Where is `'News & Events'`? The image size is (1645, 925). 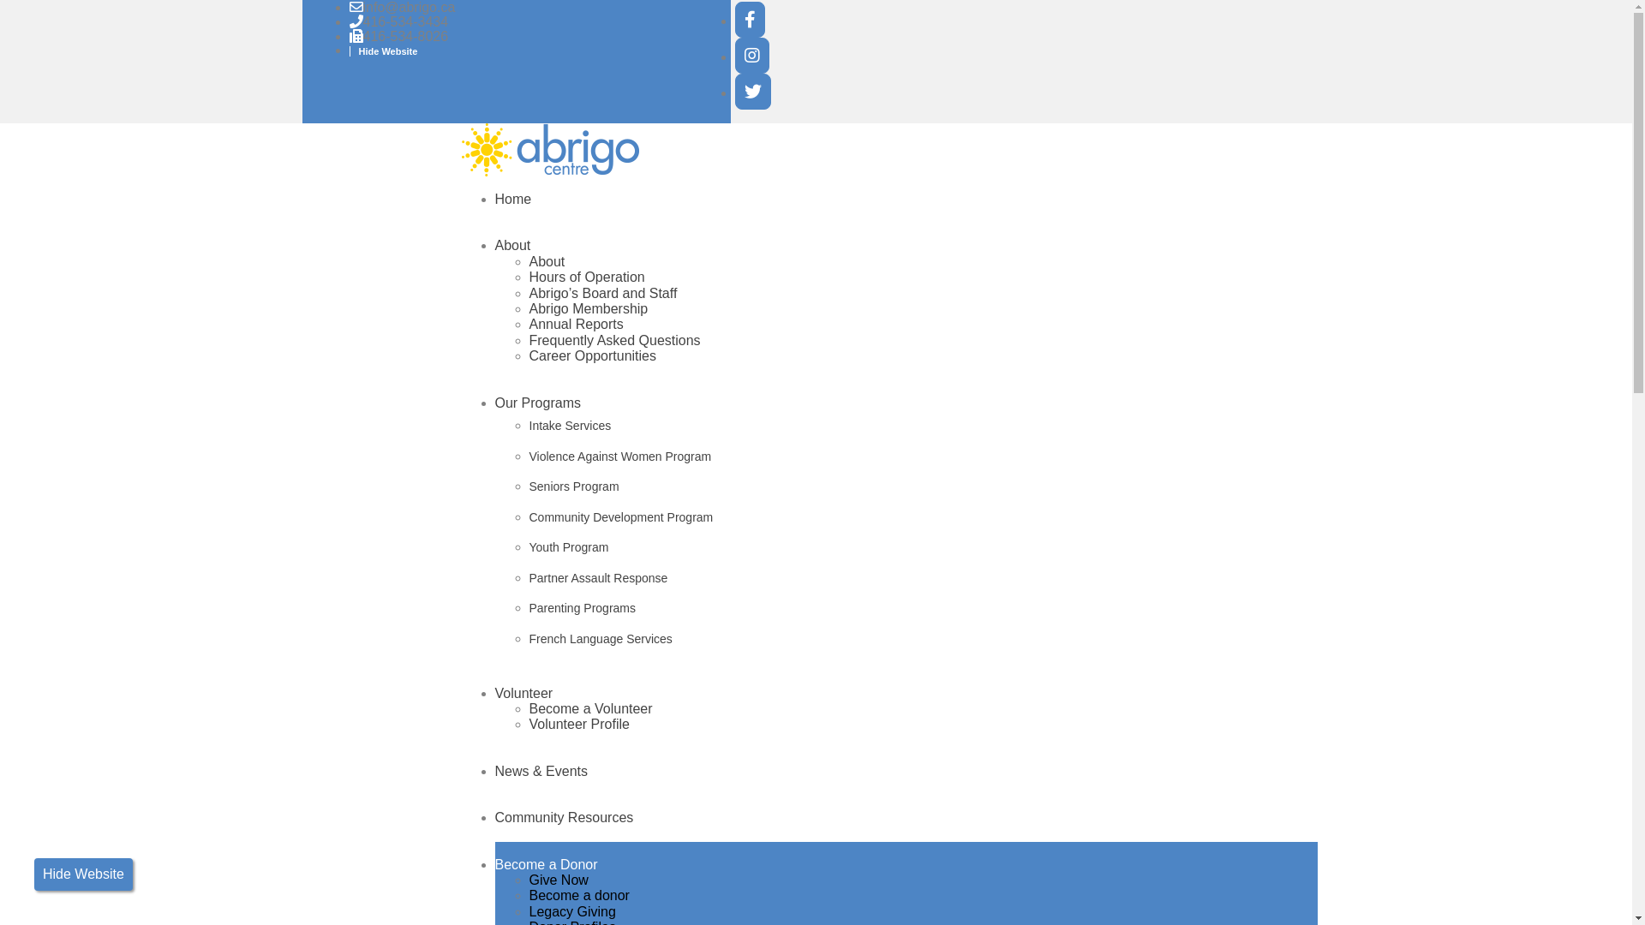 'News & Events' is located at coordinates (541, 771).